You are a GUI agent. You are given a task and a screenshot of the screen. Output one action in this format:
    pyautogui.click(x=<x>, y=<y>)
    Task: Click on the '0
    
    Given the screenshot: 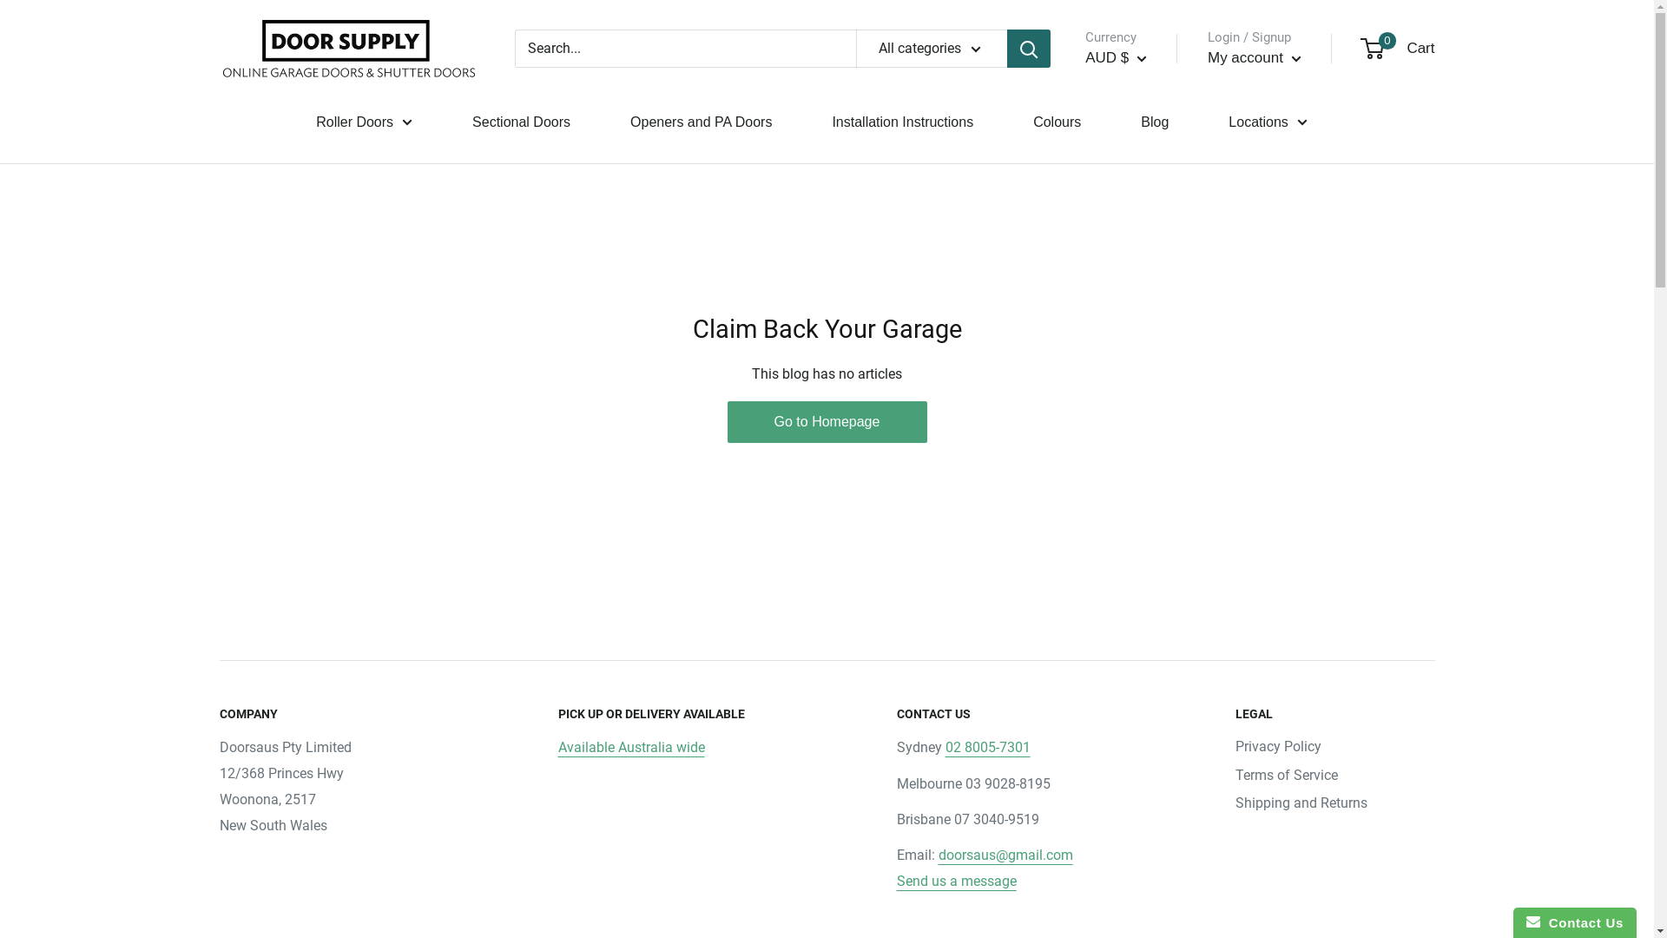 What is the action you would take?
    pyautogui.click(x=1399, y=48)
    